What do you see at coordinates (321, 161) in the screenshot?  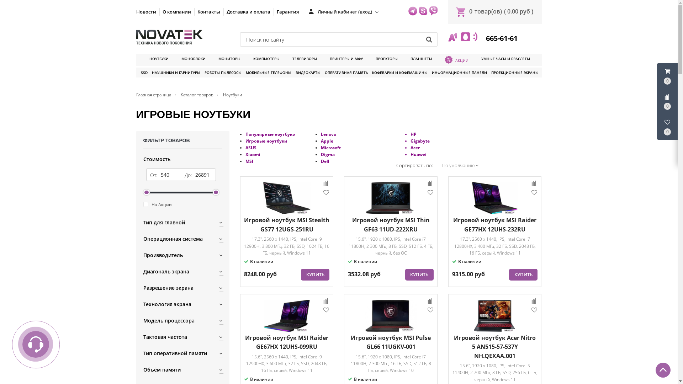 I see `'Dell'` at bounding box center [321, 161].